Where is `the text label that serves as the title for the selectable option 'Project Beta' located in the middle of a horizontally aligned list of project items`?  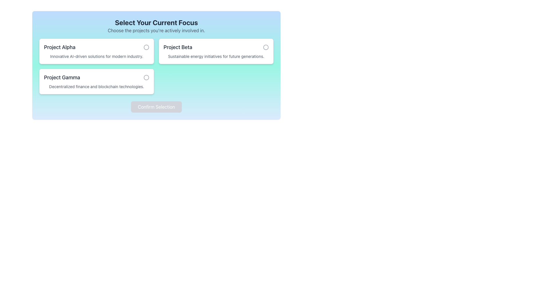
the text label that serves as the title for the selectable option 'Project Beta' located in the middle of a horizontally aligned list of project items is located at coordinates (178, 47).